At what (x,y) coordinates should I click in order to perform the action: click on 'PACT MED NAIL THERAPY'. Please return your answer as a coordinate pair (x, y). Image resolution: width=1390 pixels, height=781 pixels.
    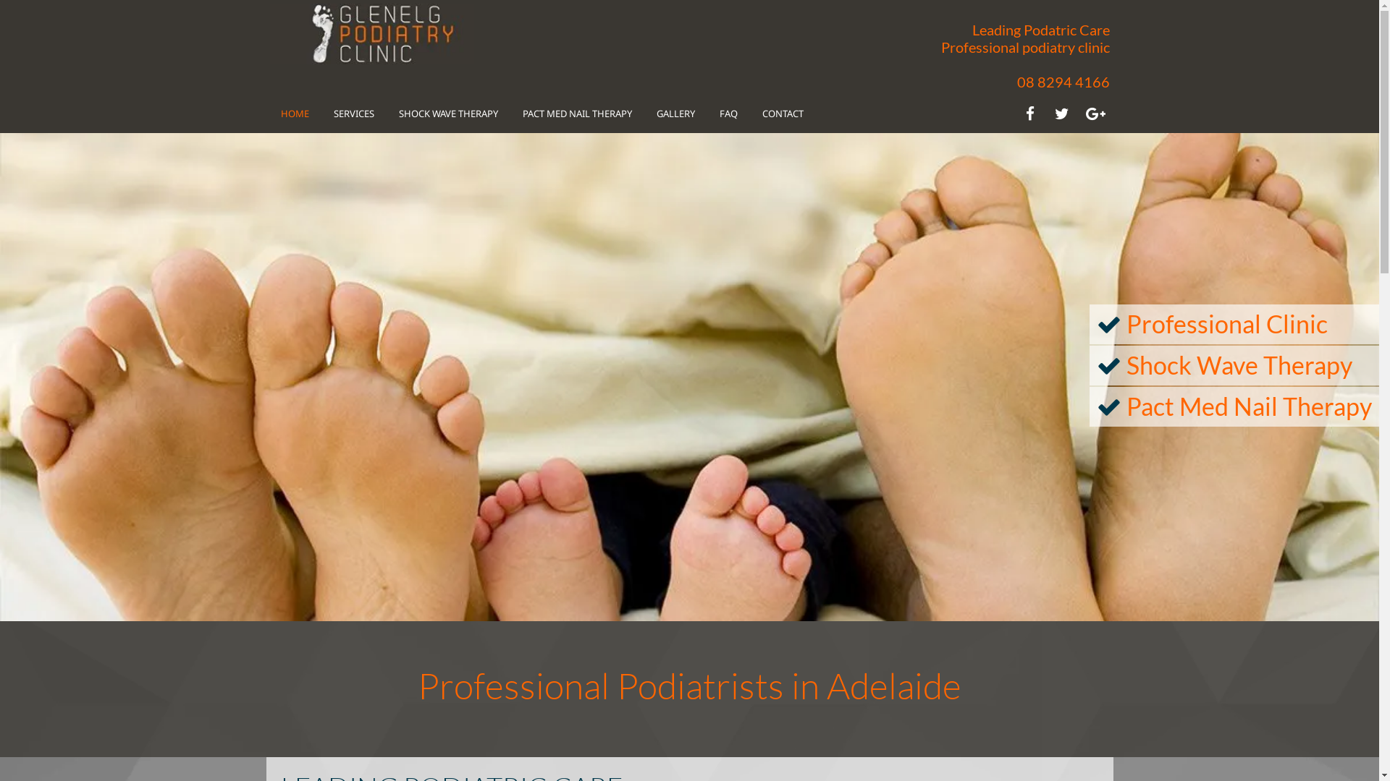
    Looking at the image, I should click on (521, 112).